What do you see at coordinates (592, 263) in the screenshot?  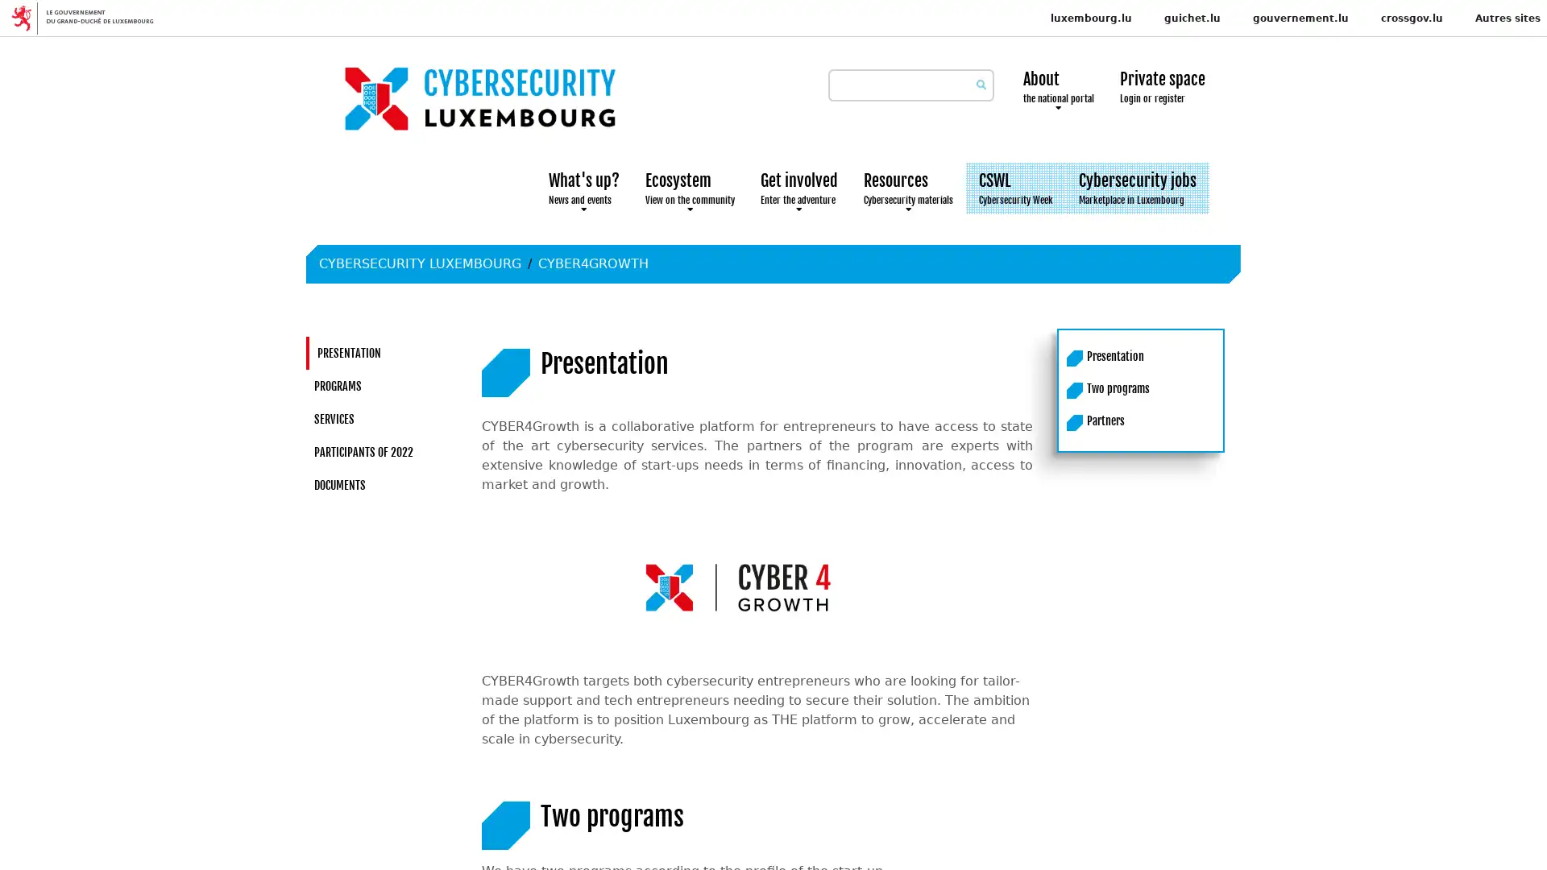 I see `CYBER4GROWTH` at bounding box center [592, 263].